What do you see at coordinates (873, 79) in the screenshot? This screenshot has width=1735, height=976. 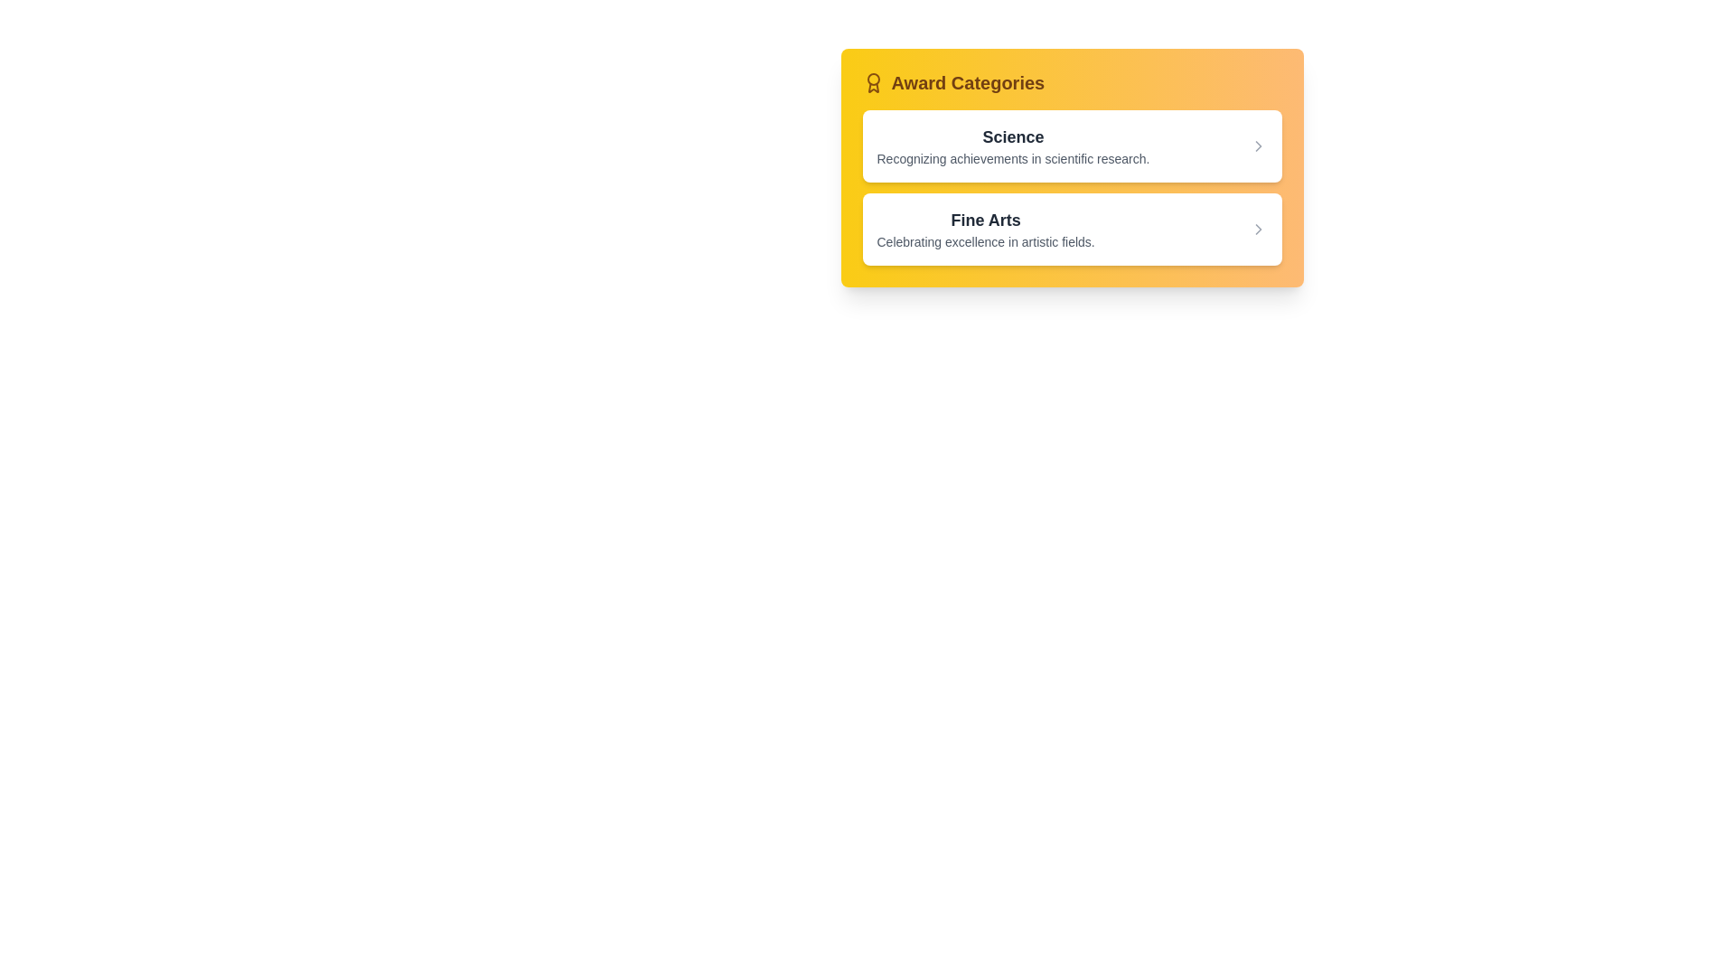 I see `the SVG Circle Element that is part of the award icon, located near the 'Award Categories' text` at bounding box center [873, 79].